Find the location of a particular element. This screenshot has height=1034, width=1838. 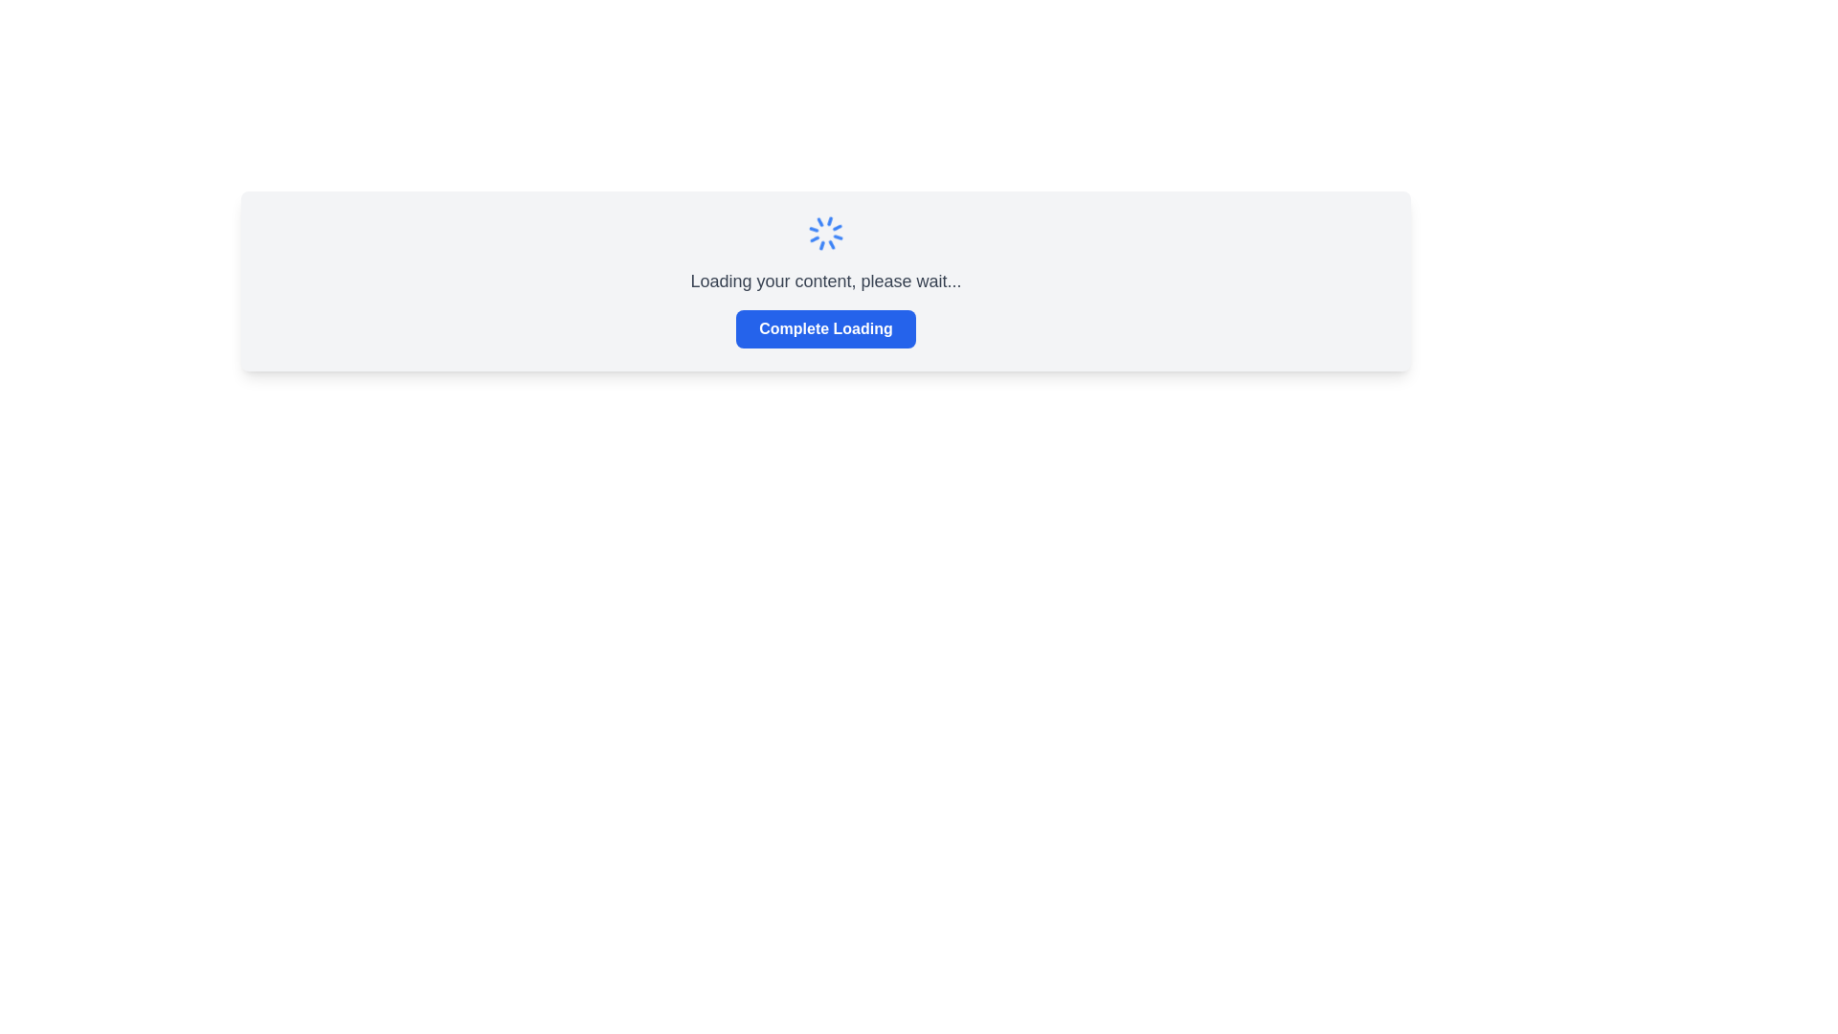

the loading spinner animation icon, which serves as a loading indicator positioned centrally above the text 'Loading your content, please wait...' is located at coordinates (826, 232).